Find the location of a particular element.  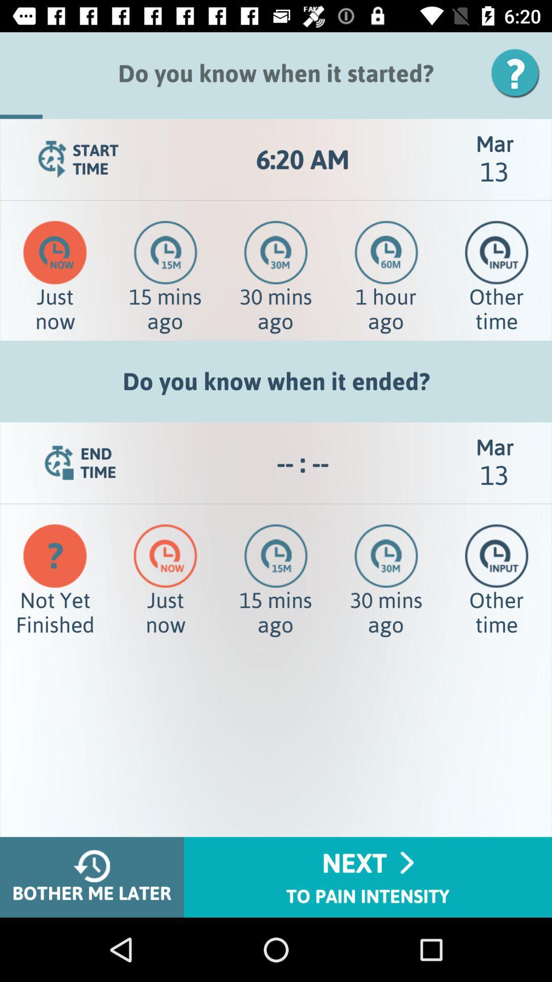

the time icon is located at coordinates (496, 252).